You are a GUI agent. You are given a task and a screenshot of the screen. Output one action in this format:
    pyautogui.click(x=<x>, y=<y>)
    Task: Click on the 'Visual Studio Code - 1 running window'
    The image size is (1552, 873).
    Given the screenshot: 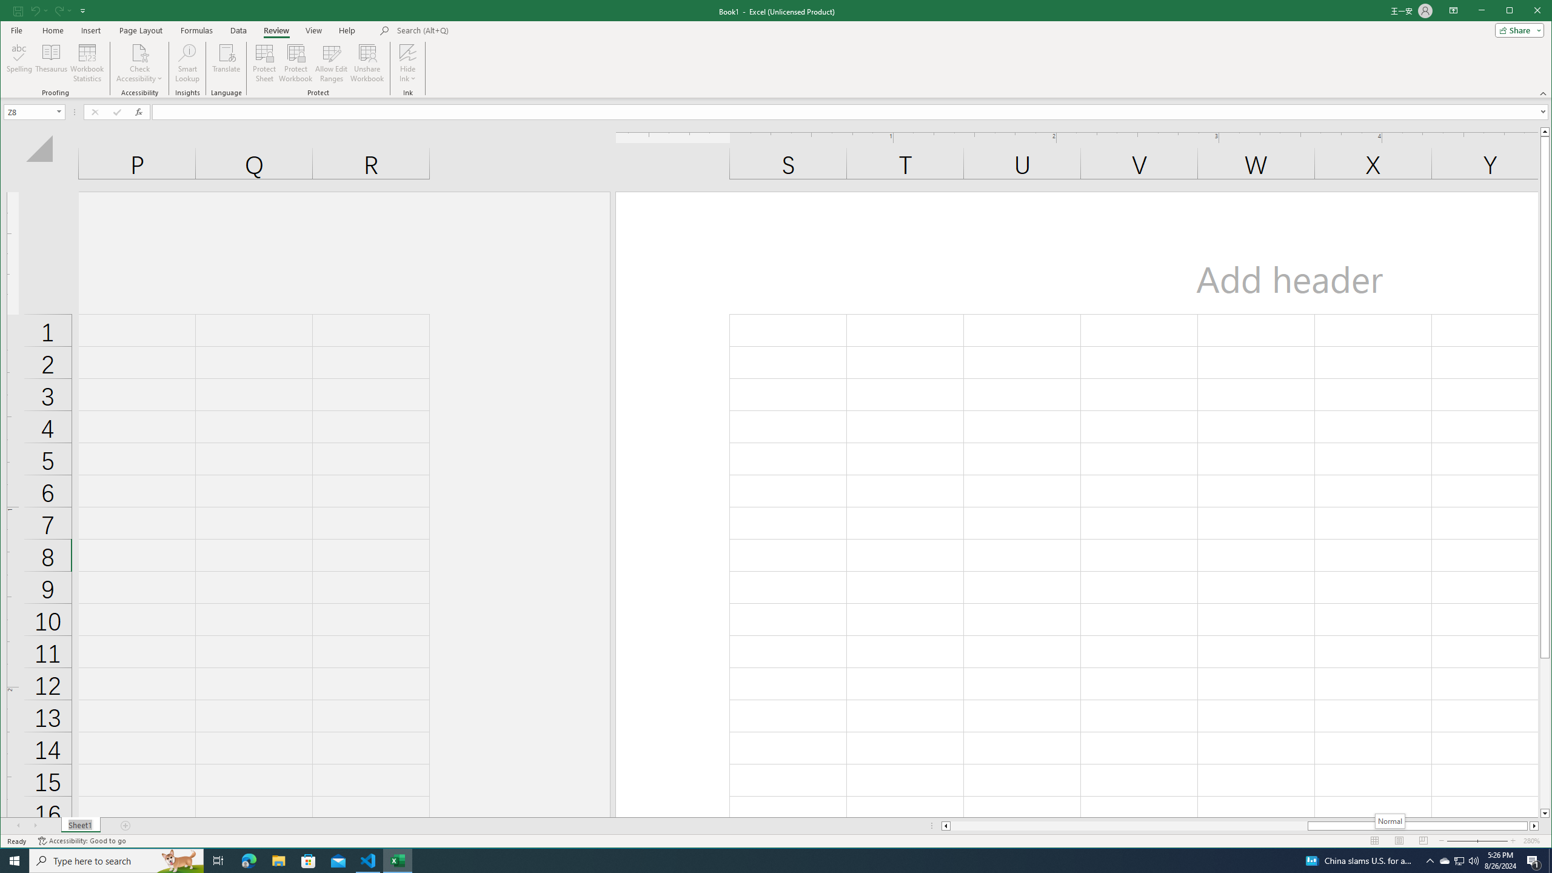 What is the action you would take?
    pyautogui.click(x=368, y=860)
    